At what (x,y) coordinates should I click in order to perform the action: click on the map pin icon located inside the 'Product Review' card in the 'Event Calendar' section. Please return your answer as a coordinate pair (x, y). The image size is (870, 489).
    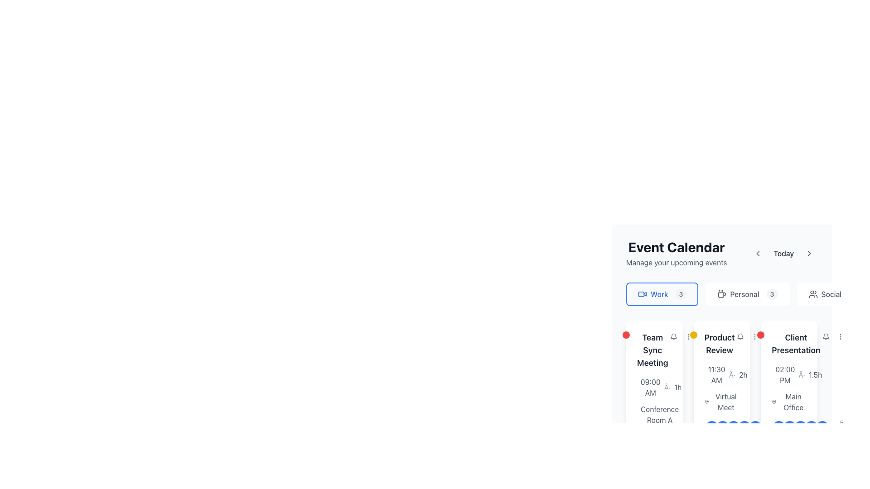
    Looking at the image, I should click on (706, 401).